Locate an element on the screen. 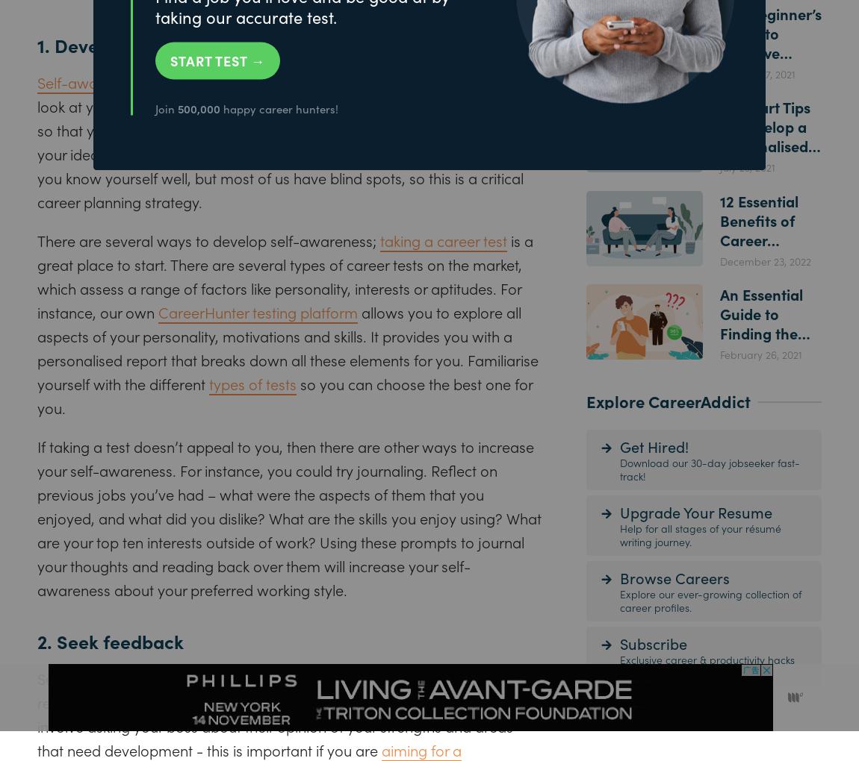 The image size is (859, 761). 'Explore our ever-growing collection of career profiles.' is located at coordinates (710, 598).